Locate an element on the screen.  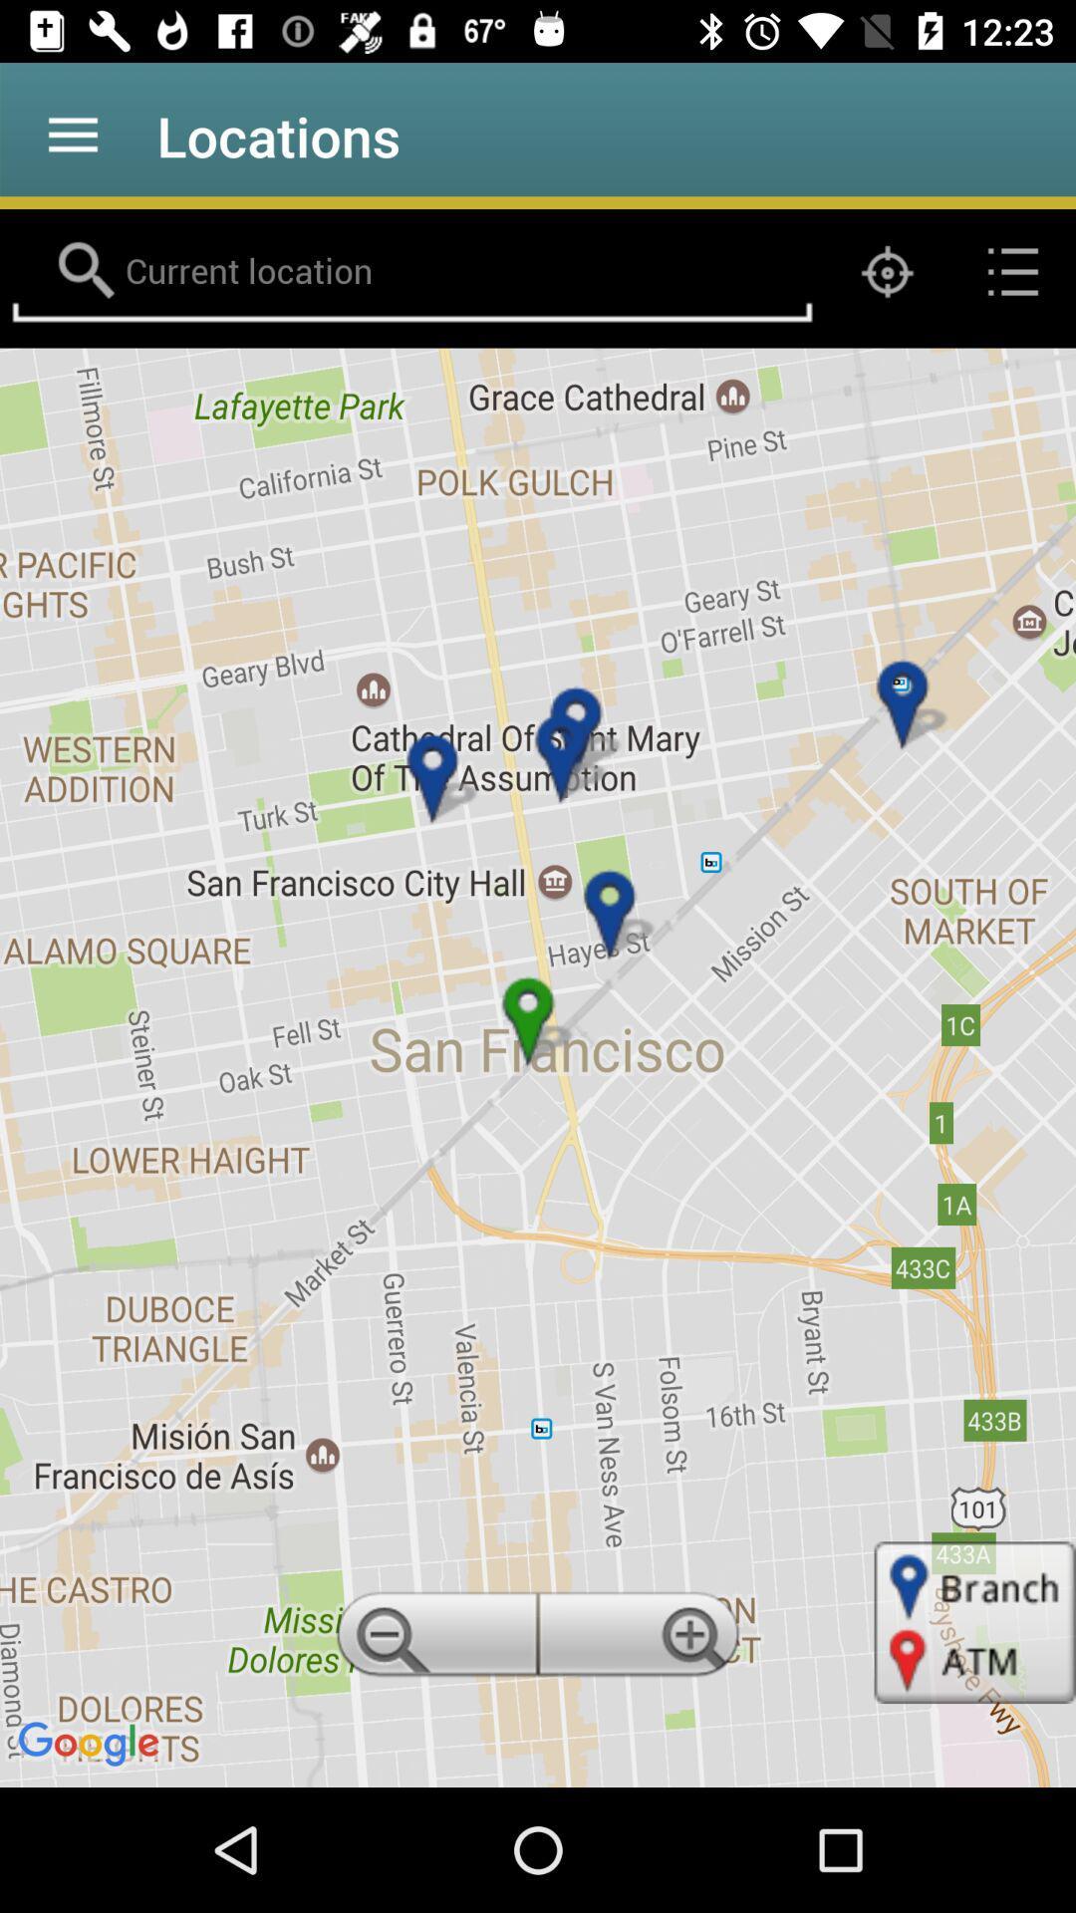
the settings icon is located at coordinates (642, 1640).